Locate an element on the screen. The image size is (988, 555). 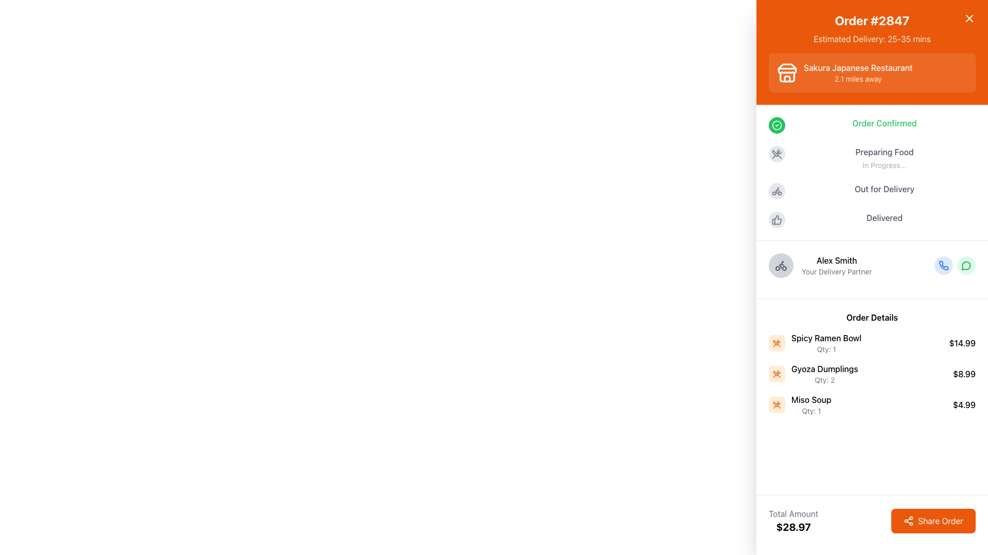
the food-related icon next to the 'Gyoza Dumplings' order detail in the list of order items is located at coordinates (777, 343).